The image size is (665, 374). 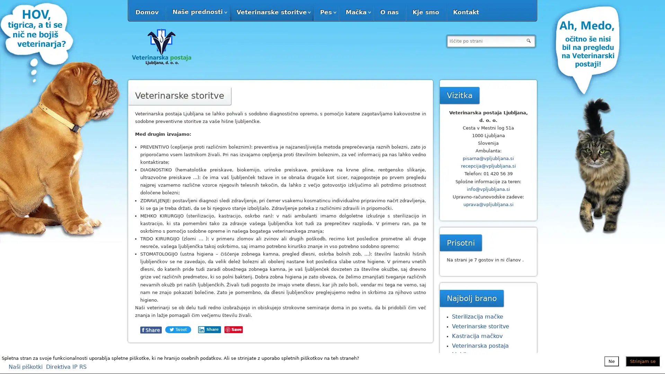 What do you see at coordinates (642, 360) in the screenshot?
I see `Strinjam se` at bounding box center [642, 360].